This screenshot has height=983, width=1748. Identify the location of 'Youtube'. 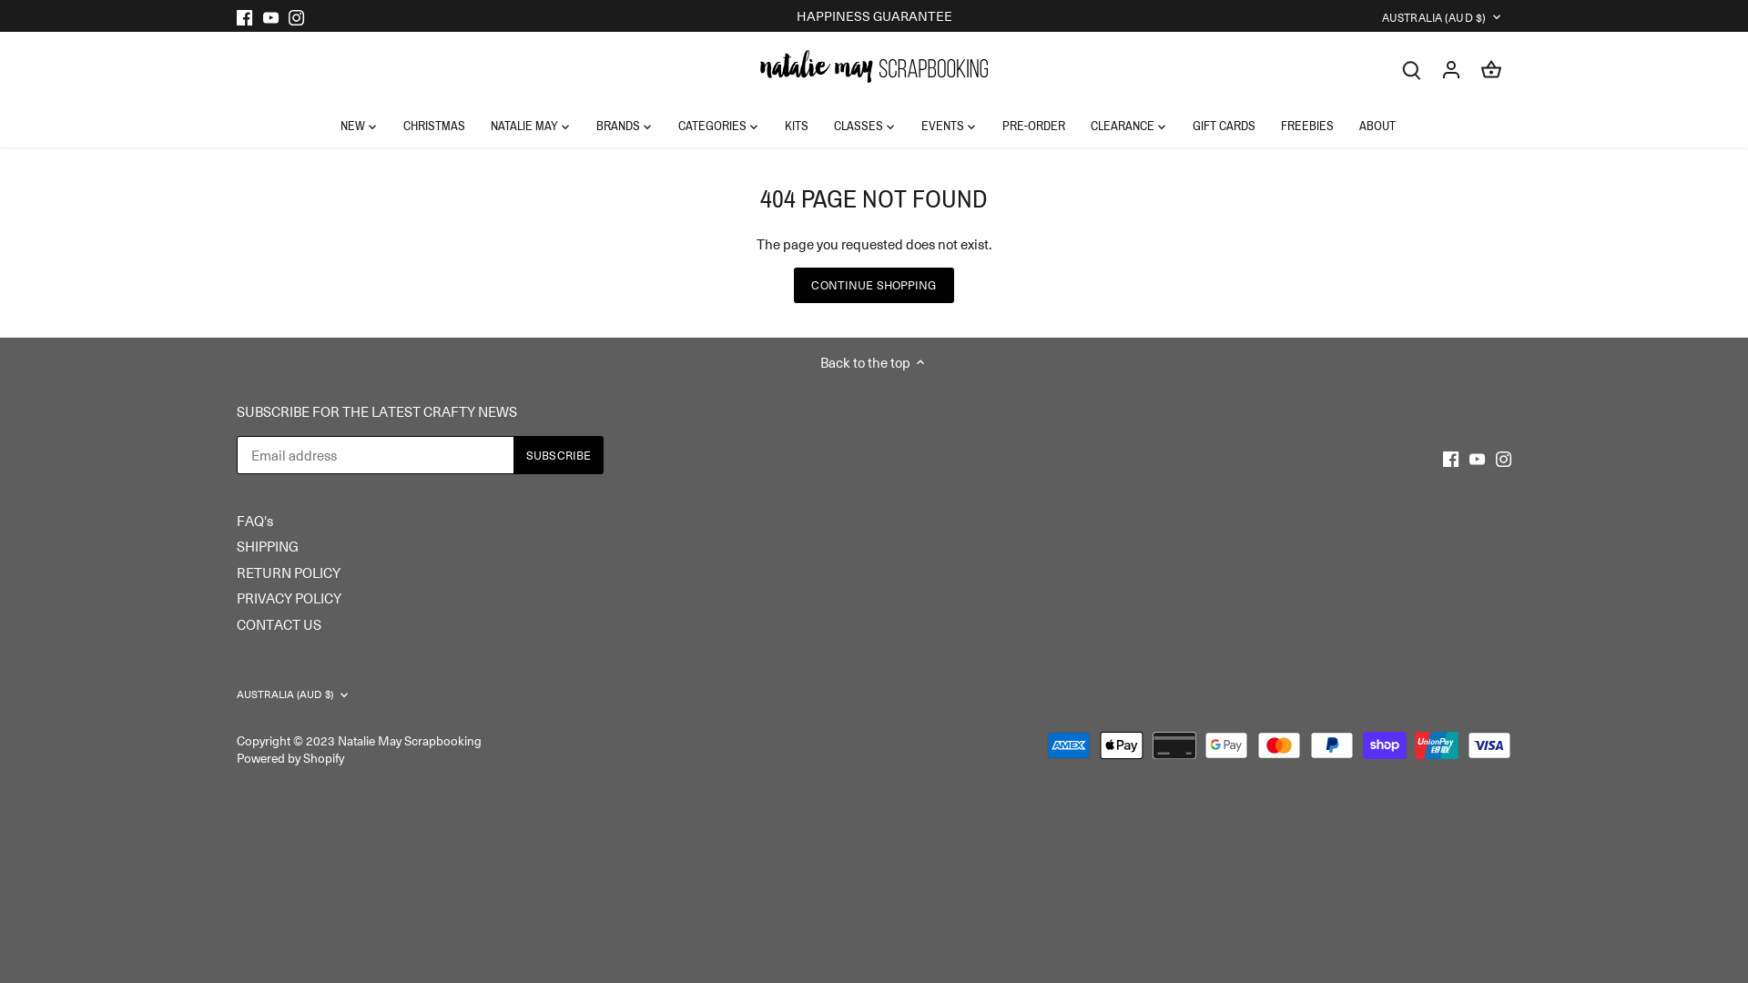
(261, 15).